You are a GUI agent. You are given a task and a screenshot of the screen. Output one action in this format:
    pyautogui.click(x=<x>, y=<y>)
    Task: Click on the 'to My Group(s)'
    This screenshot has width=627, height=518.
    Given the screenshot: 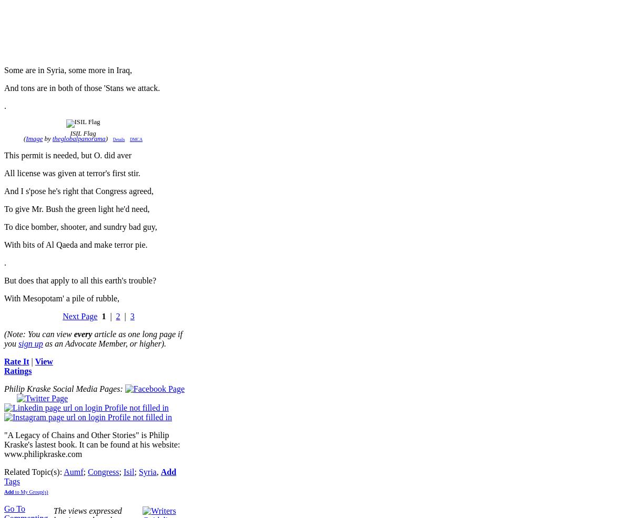 What is the action you would take?
    pyautogui.click(x=30, y=492)
    